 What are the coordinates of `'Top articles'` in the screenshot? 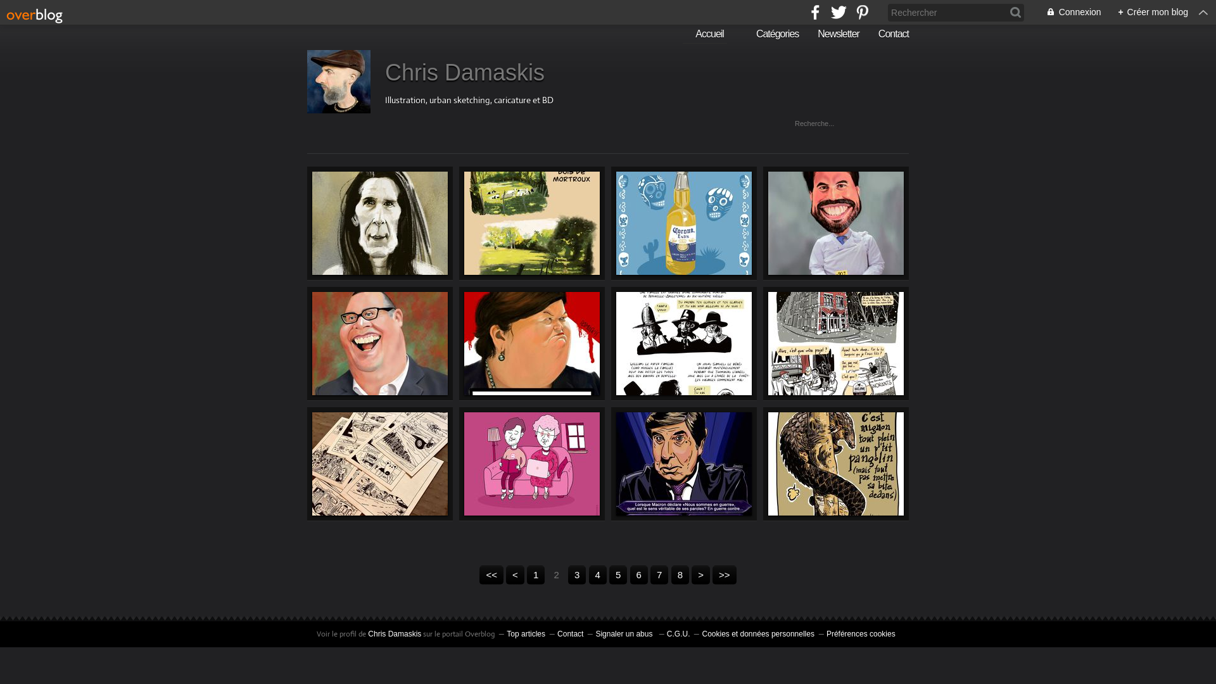 It's located at (526, 634).